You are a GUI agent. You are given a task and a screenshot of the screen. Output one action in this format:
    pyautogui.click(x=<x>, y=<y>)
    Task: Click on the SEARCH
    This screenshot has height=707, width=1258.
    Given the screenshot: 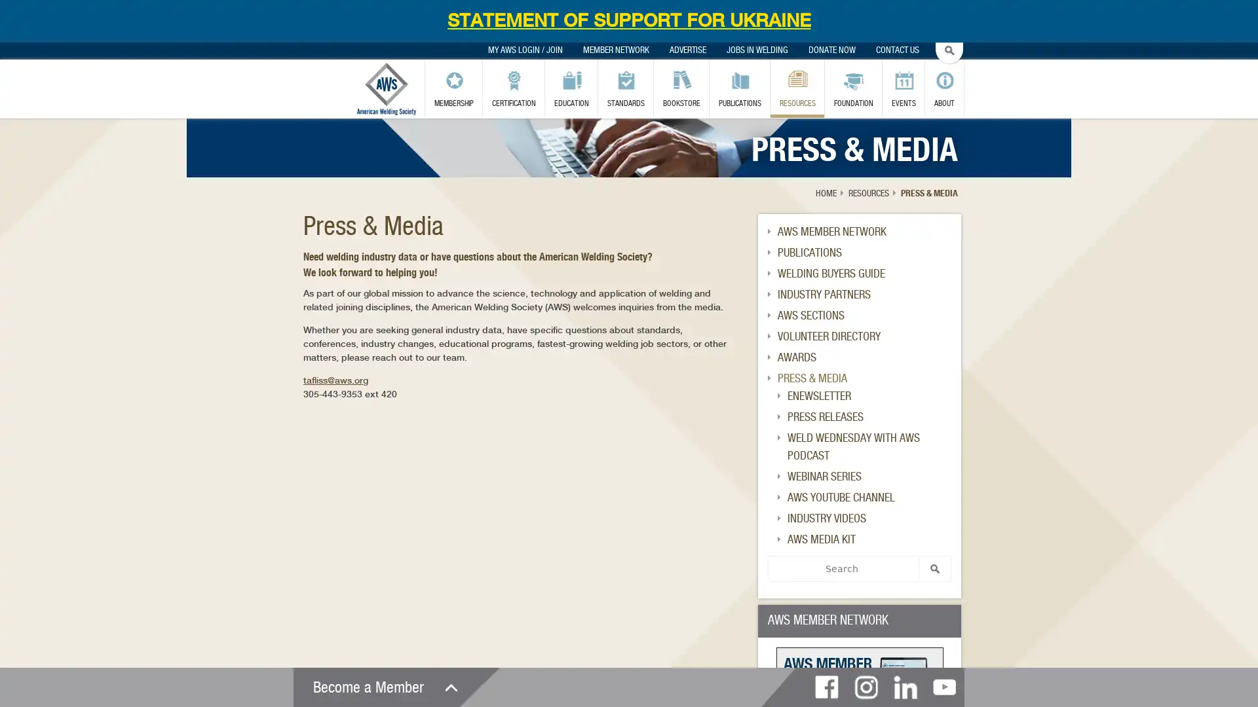 What is the action you would take?
    pyautogui.click(x=934, y=568)
    